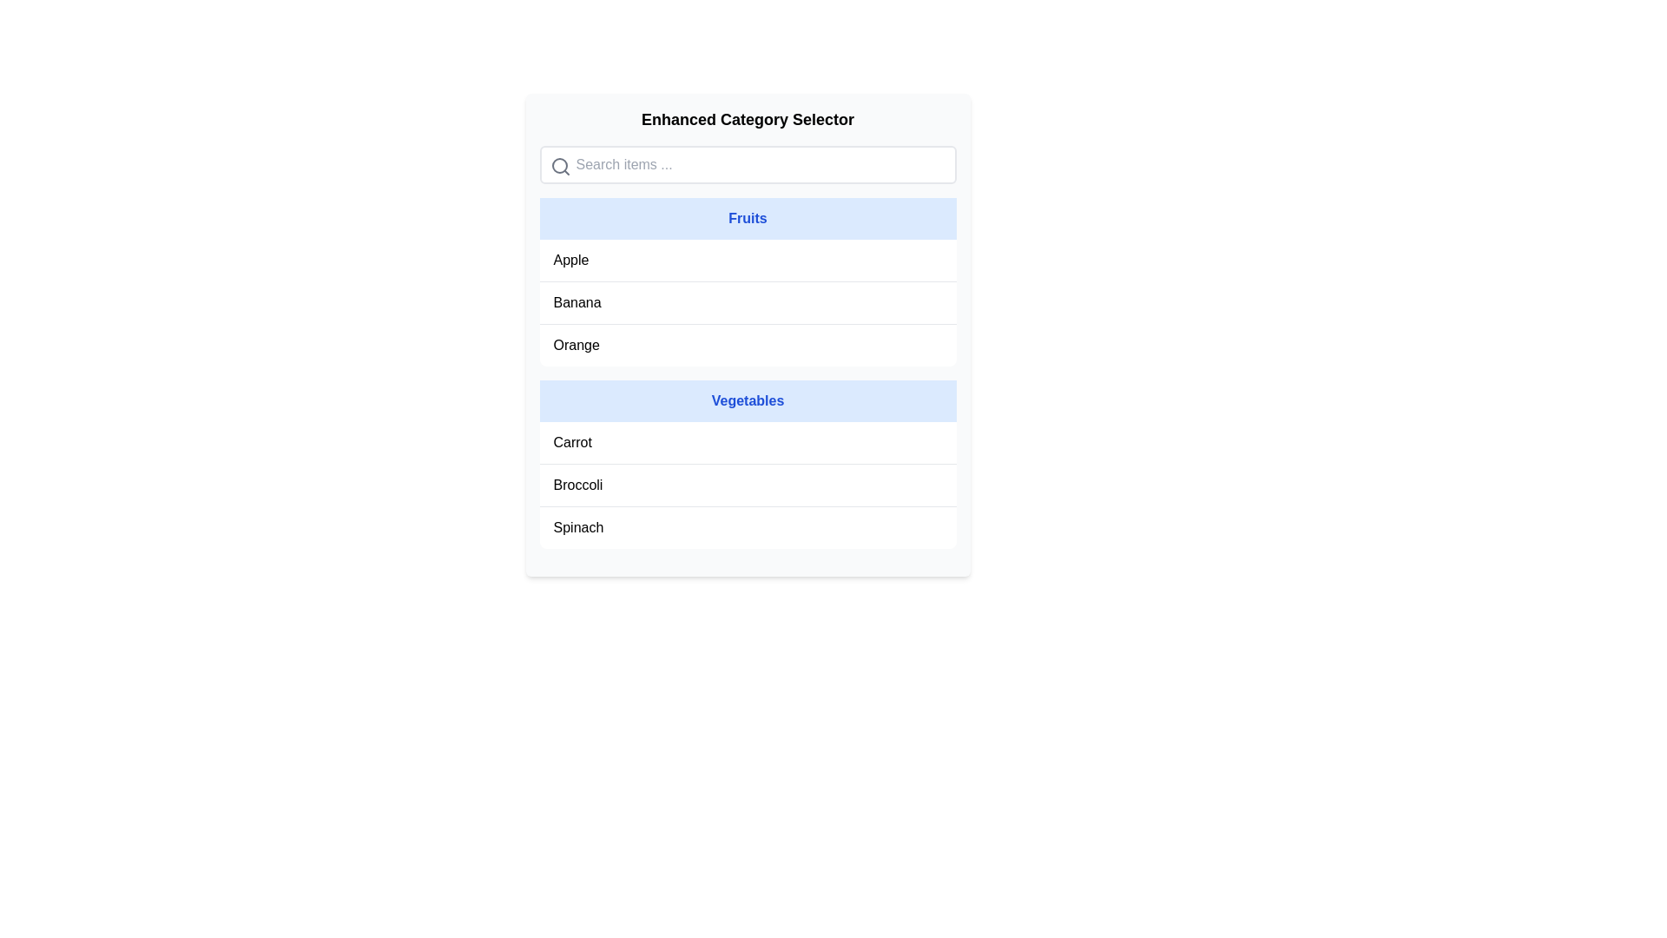 The image size is (1667, 938). What do you see at coordinates (748, 486) in the screenshot?
I see `the list item labeled 'Broccoli' in the 'Vegetables' subsection to observe the background color change effect` at bounding box center [748, 486].